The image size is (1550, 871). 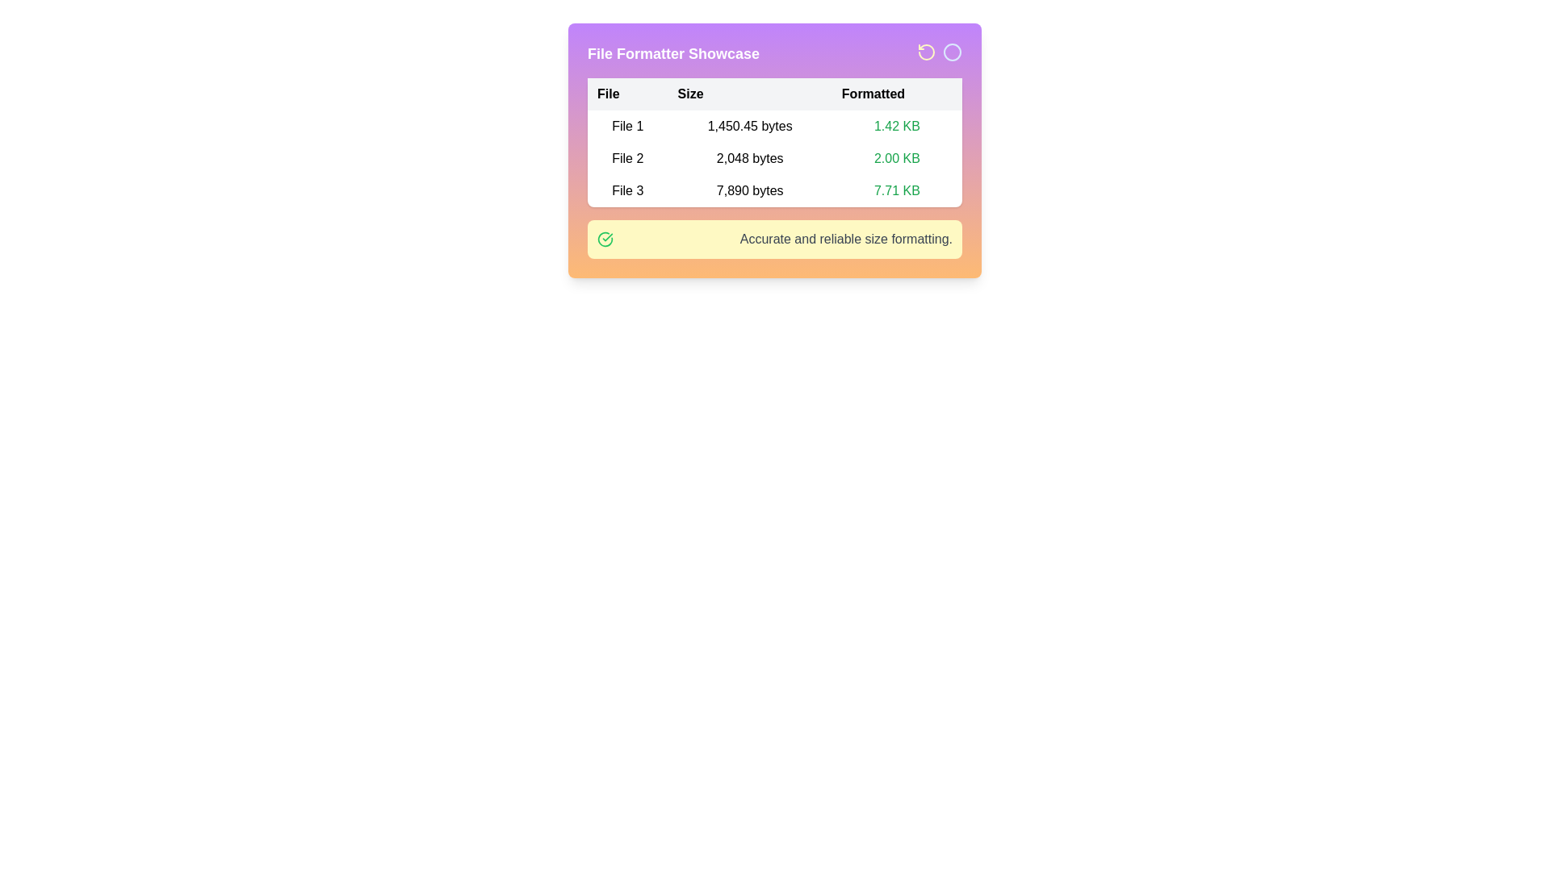 I want to click on the text label element displaying '2,048 bytes' located in the second column of the file-related information table, so click(x=749, y=158).